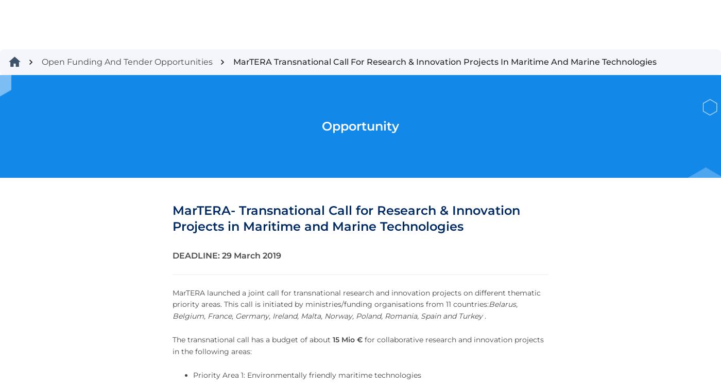 Image resolution: width=721 pixels, height=387 pixels. I want to click on 'Mission of the ECCP', so click(16, 213).